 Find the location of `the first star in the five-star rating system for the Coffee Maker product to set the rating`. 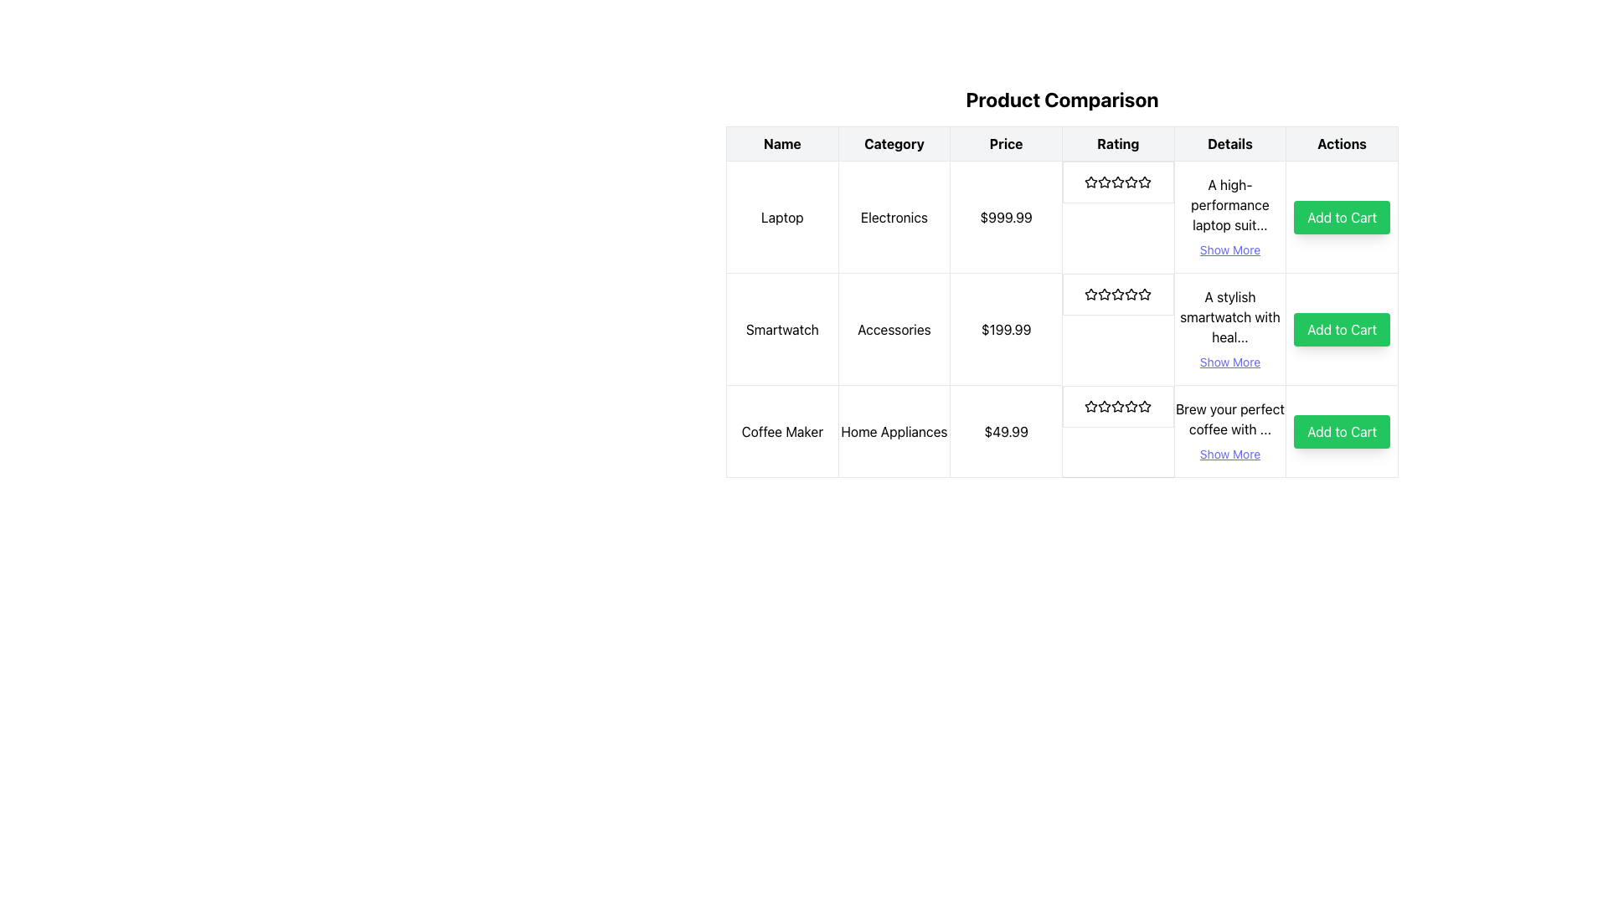

the first star in the five-star rating system for the Coffee Maker product to set the rating is located at coordinates (1105, 406).